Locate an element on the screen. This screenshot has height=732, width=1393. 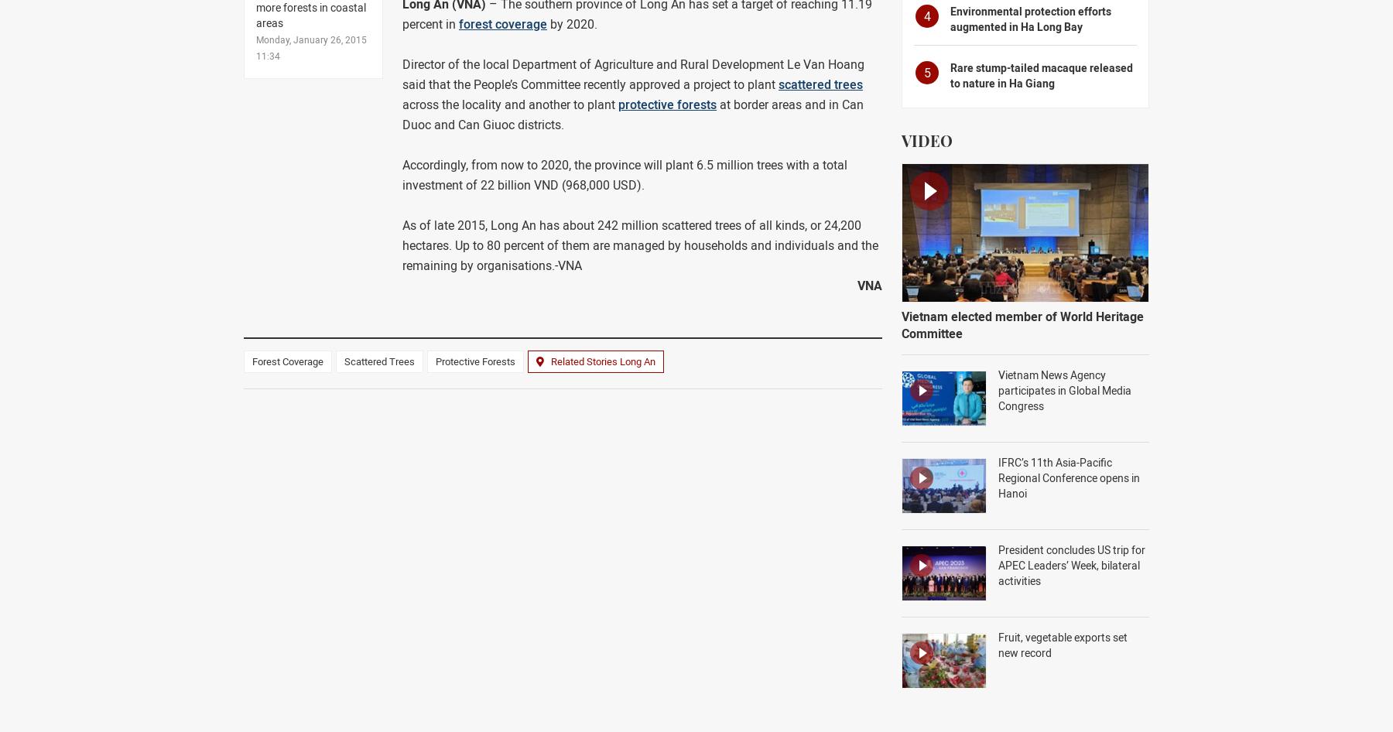
'IFRC’s 11th Asia-Pacific Regional Conference opens in Hanoi' is located at coordinates (1068, 477).